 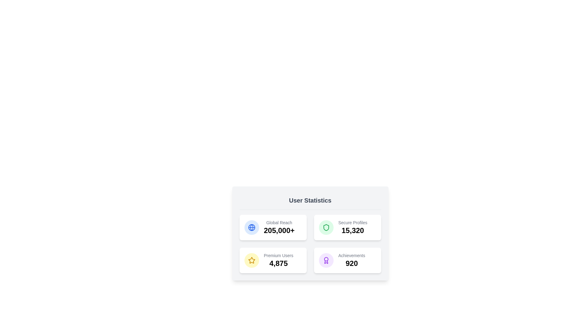 What do you see at coordinates (279, 230) in the screenshot?
I see `the prominent label or statistic display that indicates the 'Global Reach' count, located in the upper-left corner of the 'User Statistics' panel, directly below the label 'Global Reach'` at bounding box center [279, 230].